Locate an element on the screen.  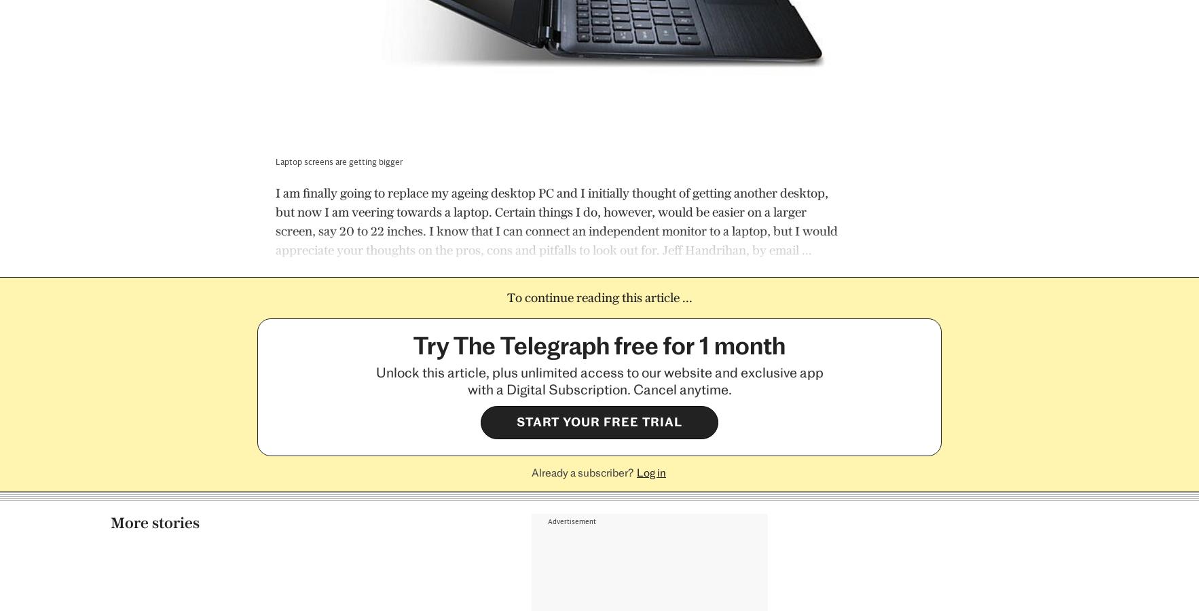
'27 Oct 2023, 1:34am' is located at coordinates (313, 563).